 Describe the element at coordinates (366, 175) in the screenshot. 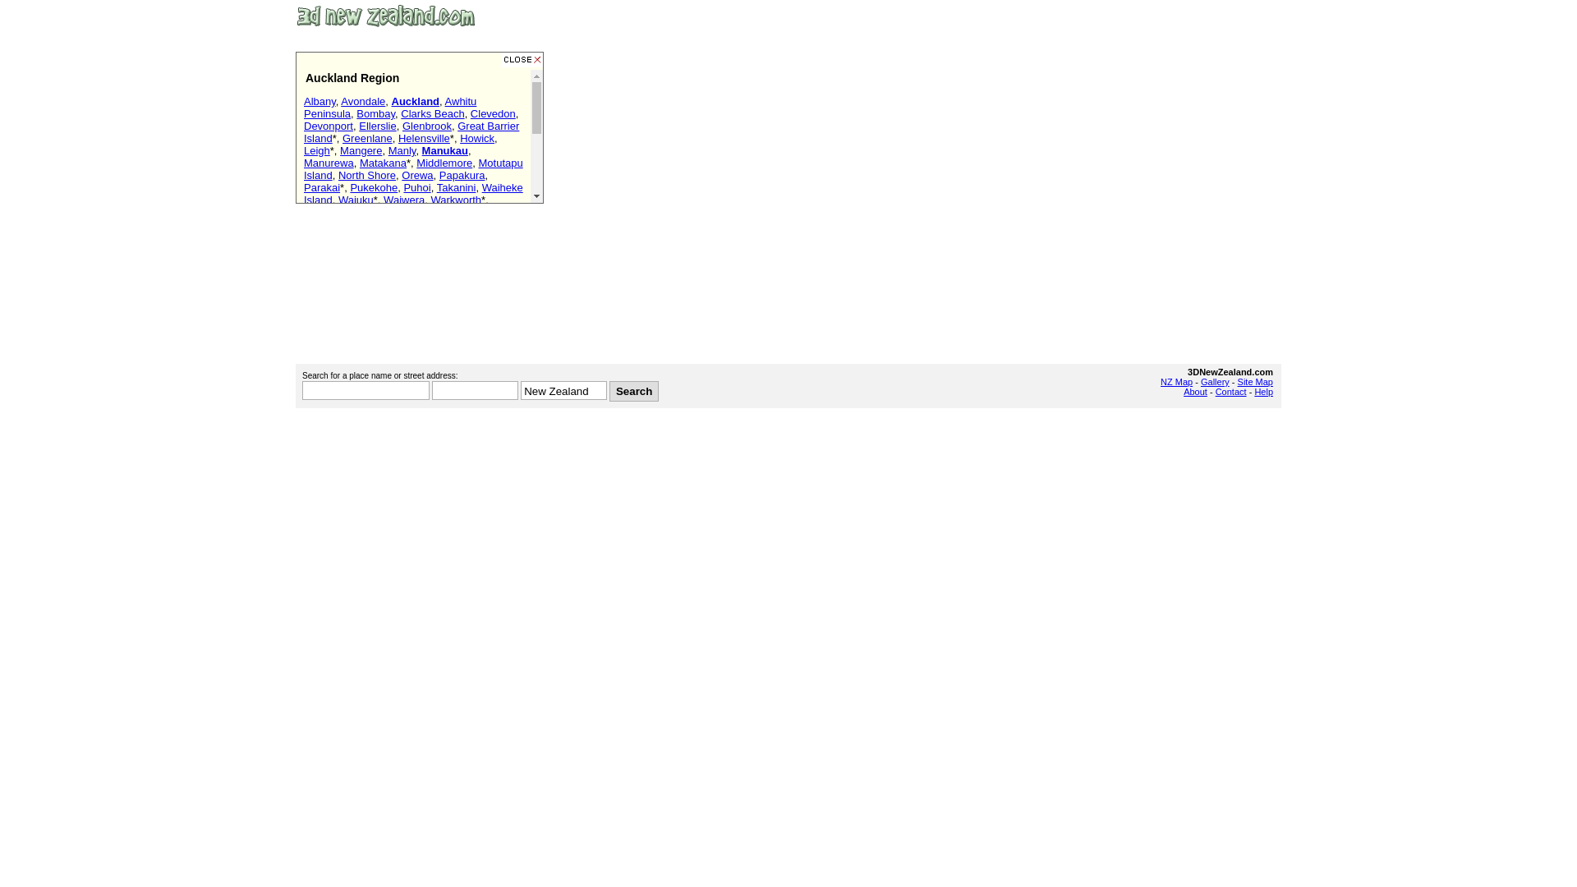

I see `'North Shore'` at that location.